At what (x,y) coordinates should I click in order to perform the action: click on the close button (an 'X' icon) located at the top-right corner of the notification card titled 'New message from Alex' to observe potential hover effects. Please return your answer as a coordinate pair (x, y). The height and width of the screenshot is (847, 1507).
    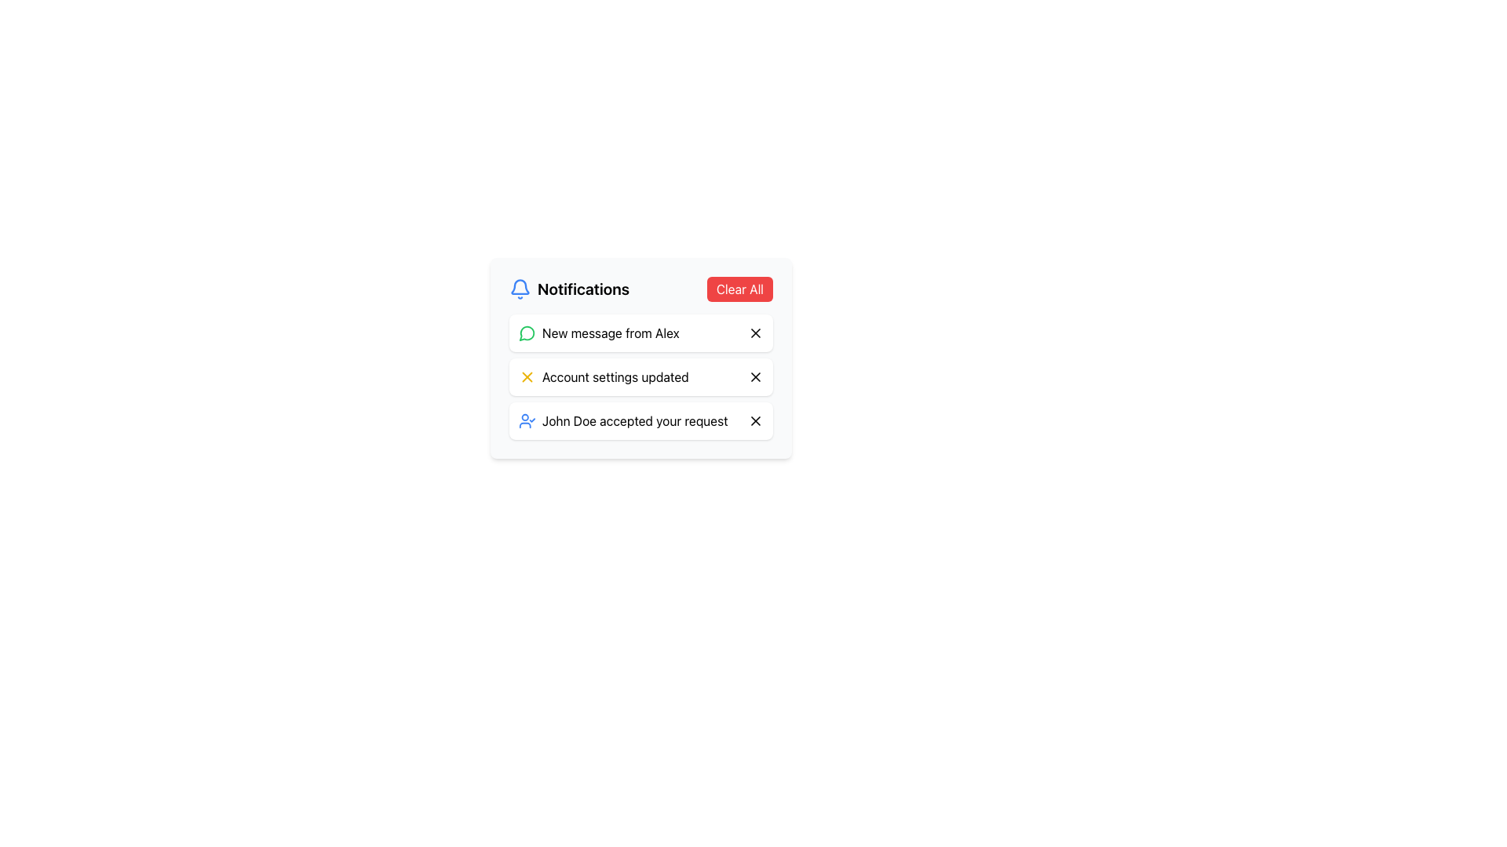
    Looking at the image, I should click on (756, 332).